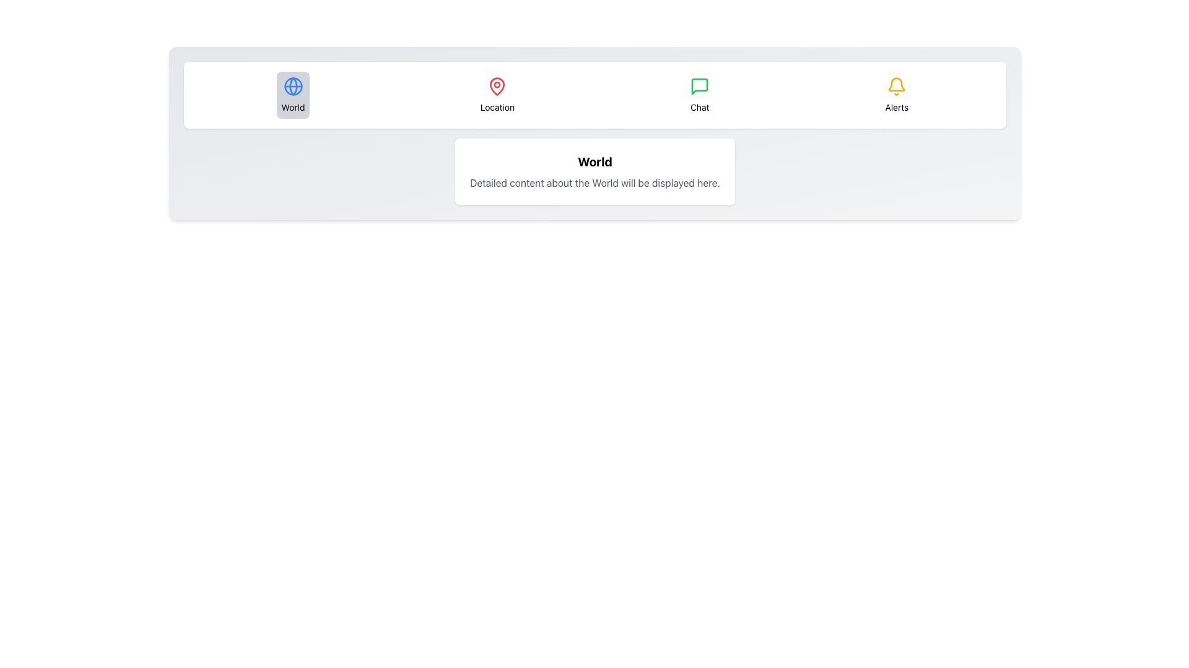 The width and height of the screenshot is (1189, 668). I want to click on the appearance of the SVG Circle Component, which is a blue-bordered circular shape representing the 'World' category in the navigation UI, so click(292, 85).